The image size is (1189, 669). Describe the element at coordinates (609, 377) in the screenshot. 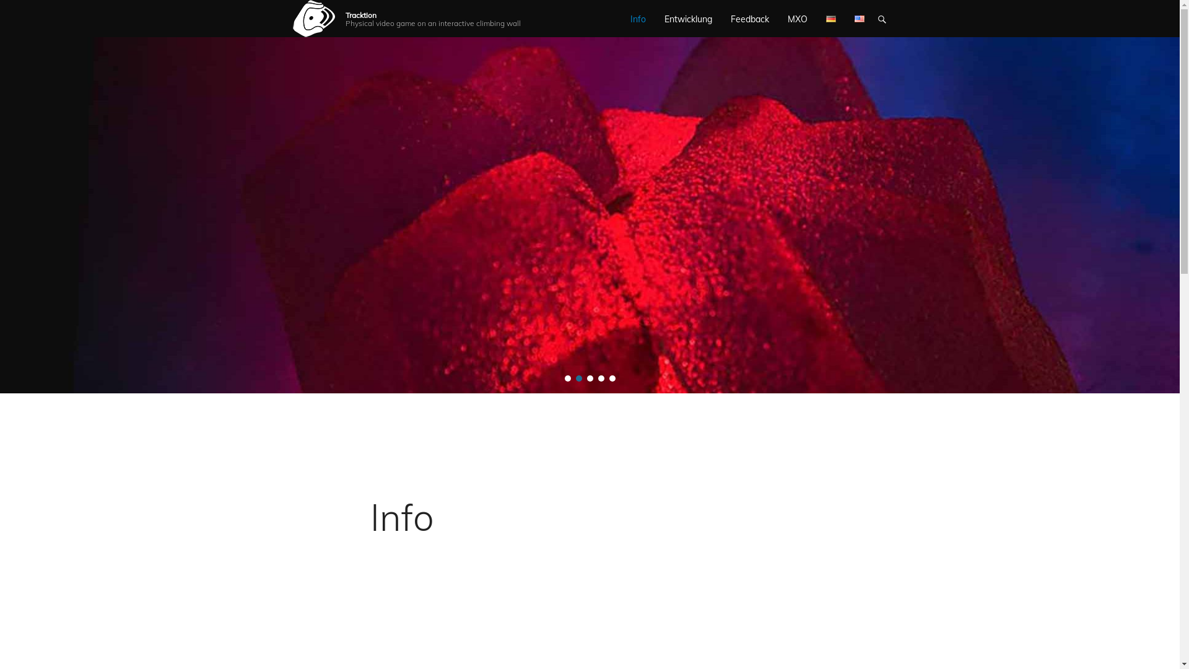

I see `'5'` at that location.